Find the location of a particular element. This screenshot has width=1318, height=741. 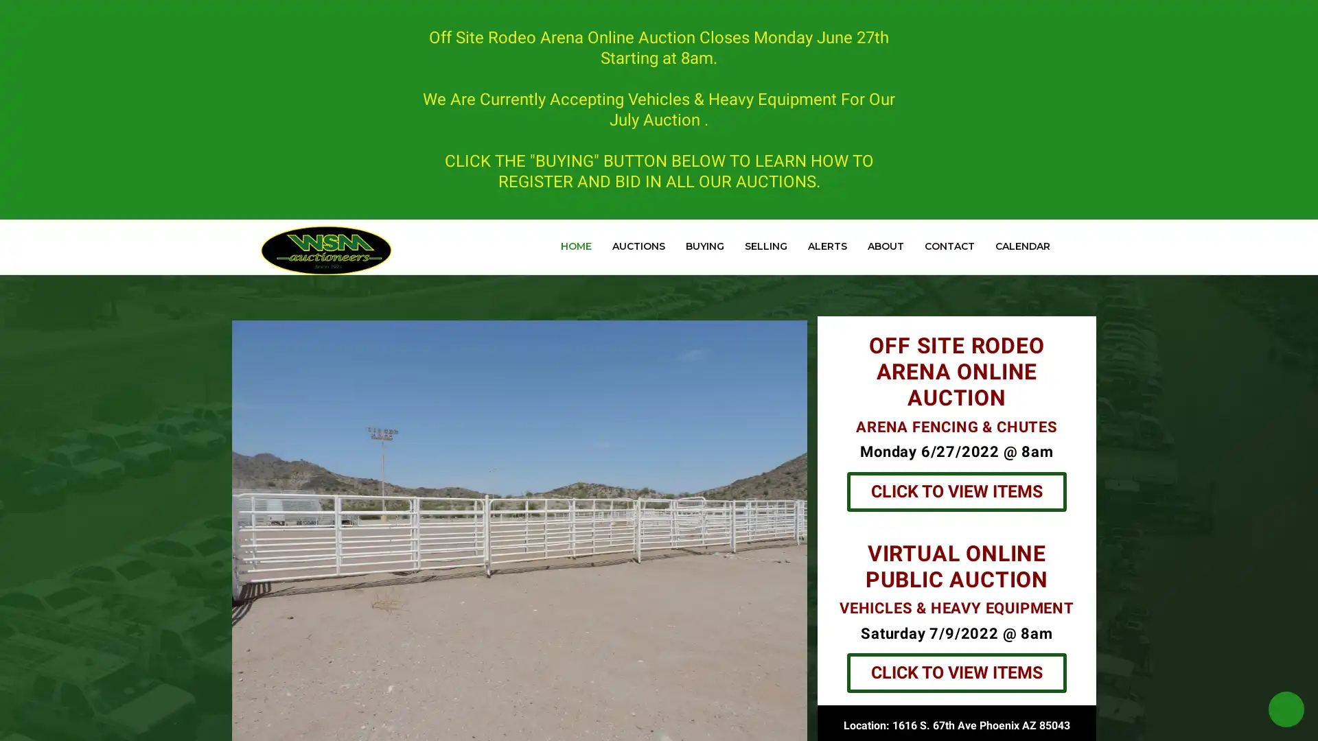

CLICK TO VIEW ITEMS is located at coordinates (955, 491).